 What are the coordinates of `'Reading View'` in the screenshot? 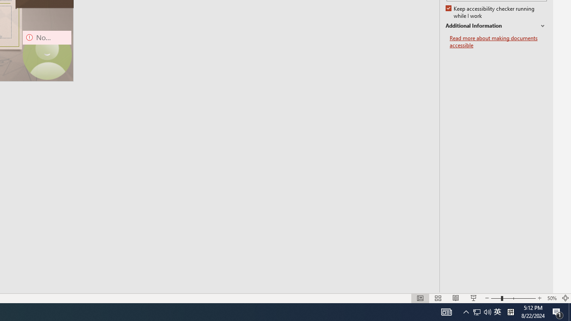 It's located at (456, 298).